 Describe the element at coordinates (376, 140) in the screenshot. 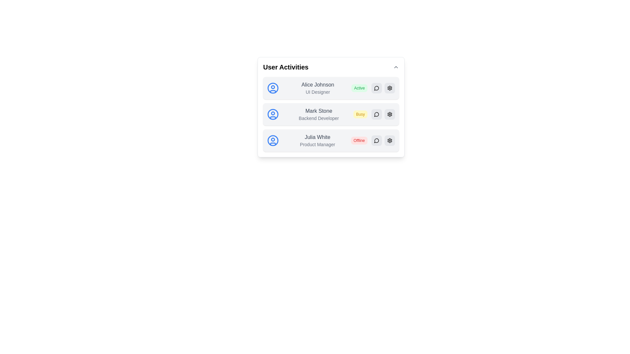

I see `the messaging button for the user Julia White located in the third user's row of the 'User Activities' list` at that location.